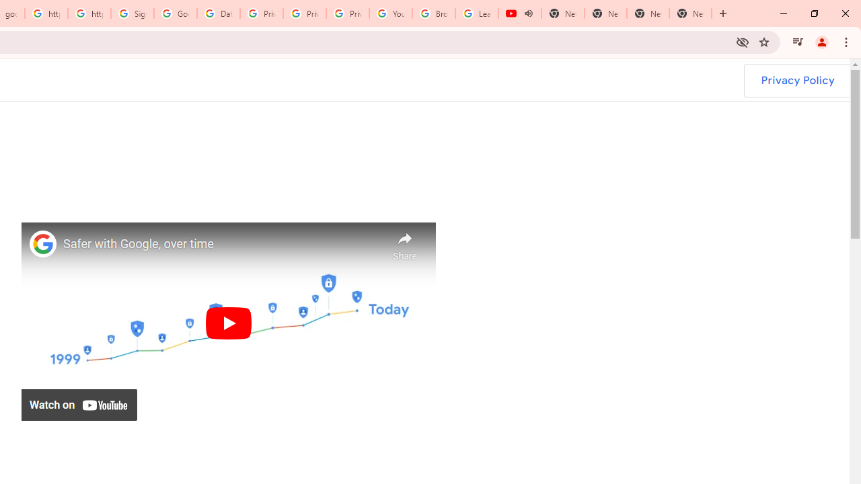 This screenshot has width=861, height=484. I want to click on 'Browse Chrome as a guest - Computer - Google Chrome Help', so click(434, 13).